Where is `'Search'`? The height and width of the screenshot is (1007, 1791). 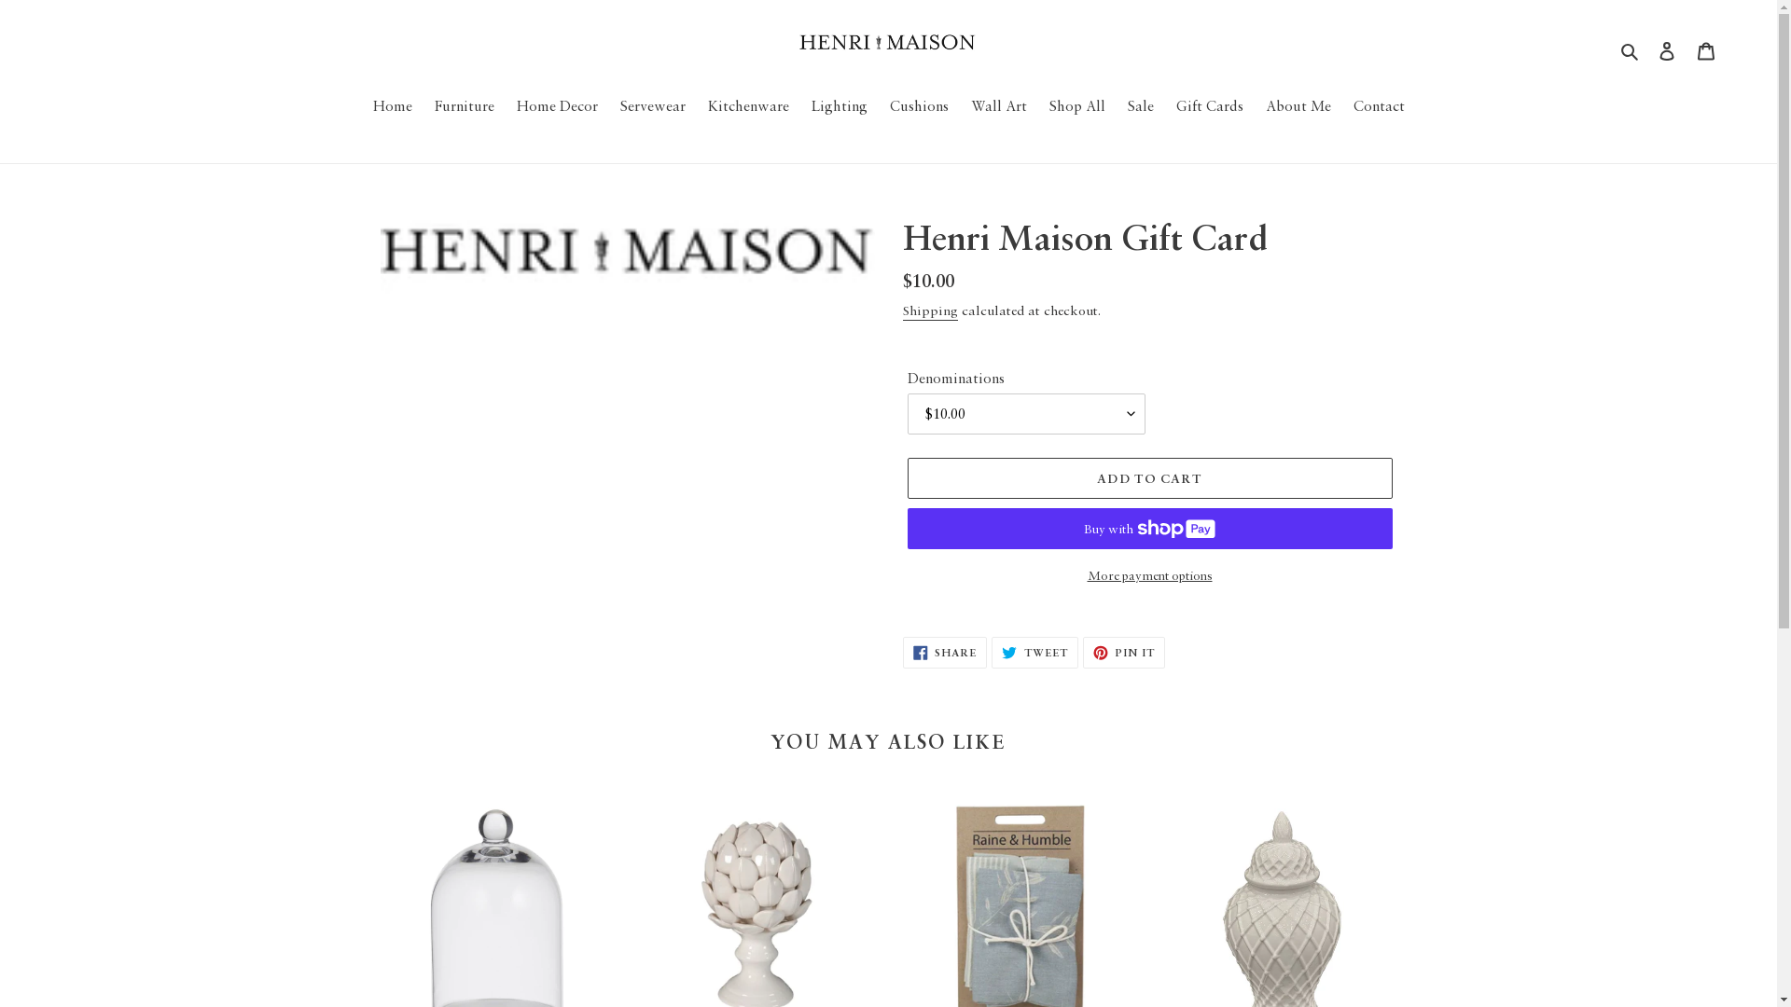 'Search' is located at coordinates (1630, 48).